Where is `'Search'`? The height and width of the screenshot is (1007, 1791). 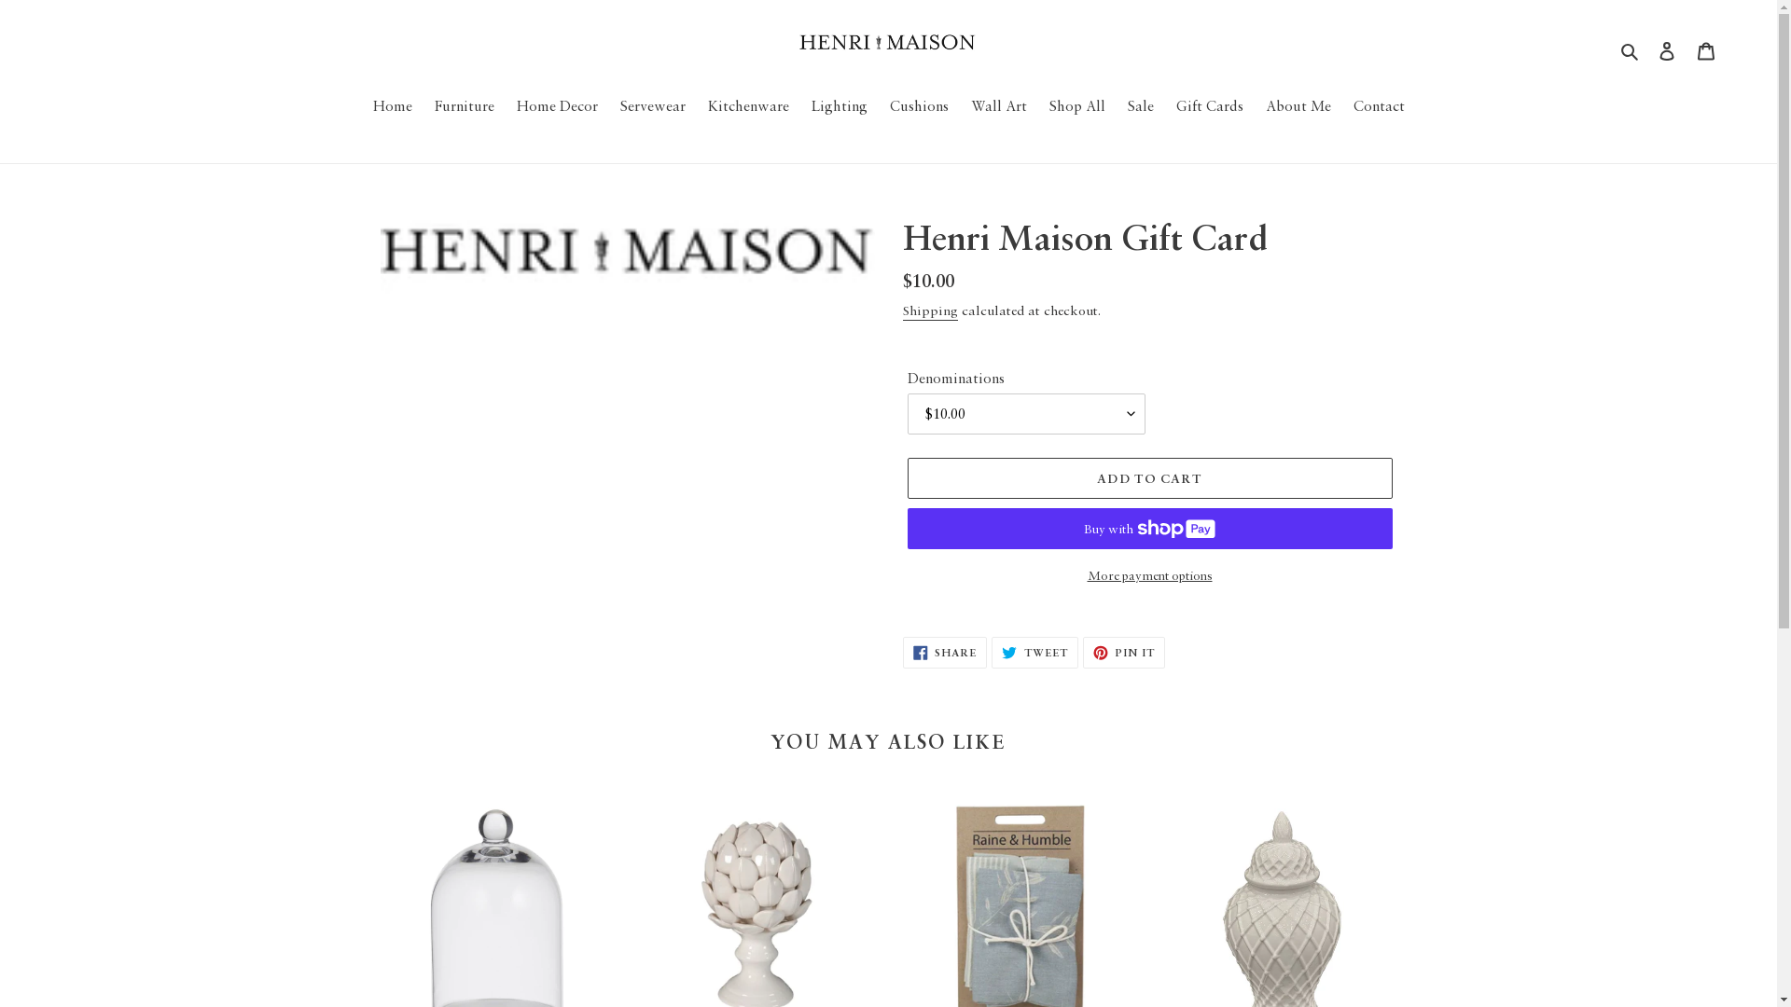 'Search' is located at coordinates (1630, 48).